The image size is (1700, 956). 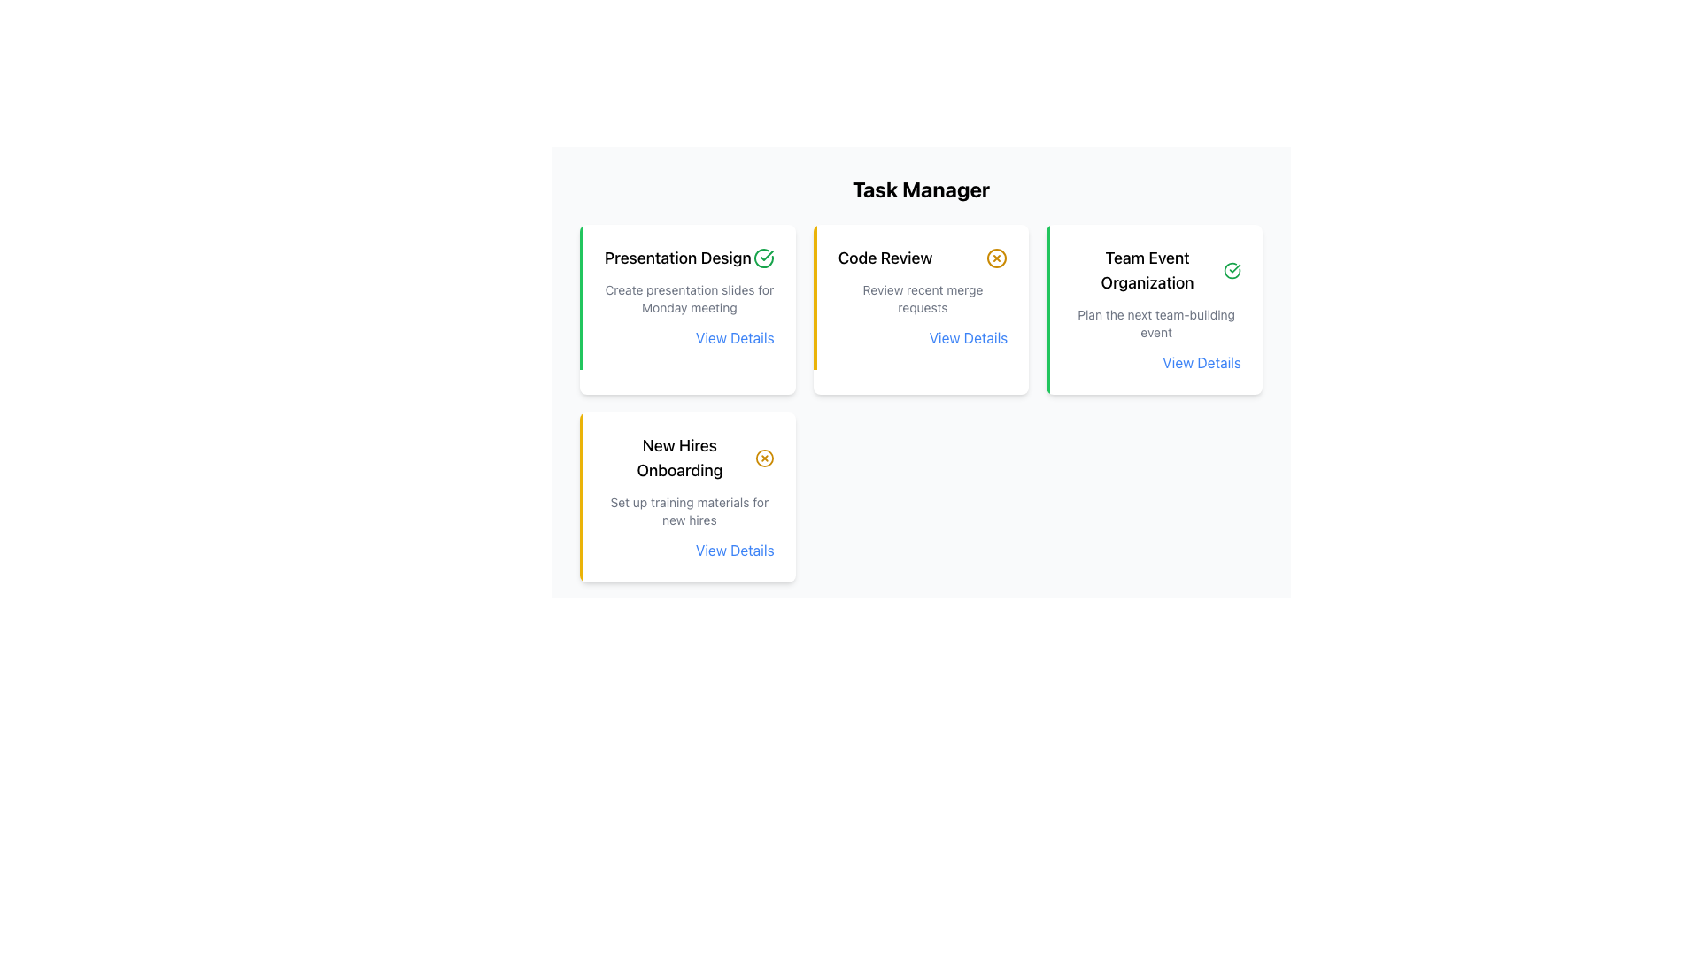 I want to click on the text-based hyperlink 'View Details' located at the bottom-right corner of the 'New Hires Onboarding' card, so click(x=688, y=549).